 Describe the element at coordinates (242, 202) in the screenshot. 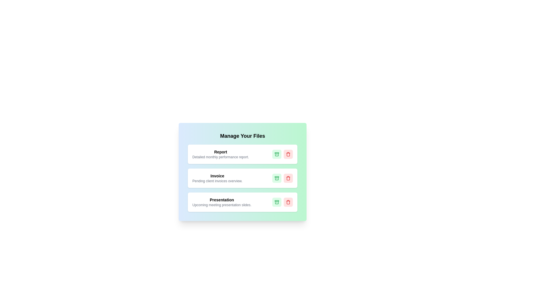

I see `the card titled Presentation to view its details` at that location.